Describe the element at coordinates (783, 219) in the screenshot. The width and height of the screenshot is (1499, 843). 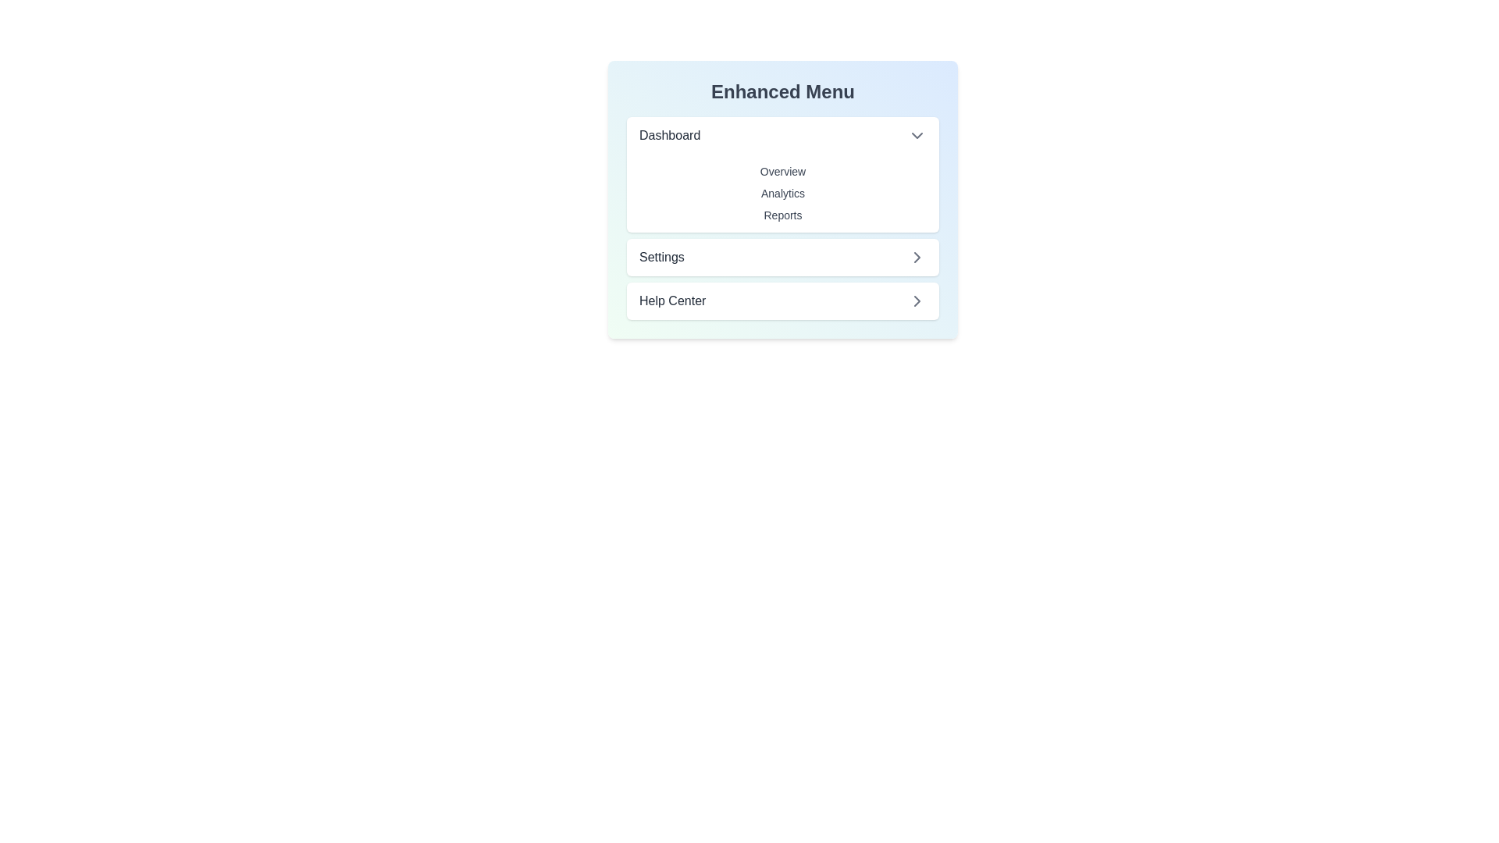
I see `the 'Reports' text label located third under the 'Dashboard' heading` at that location.